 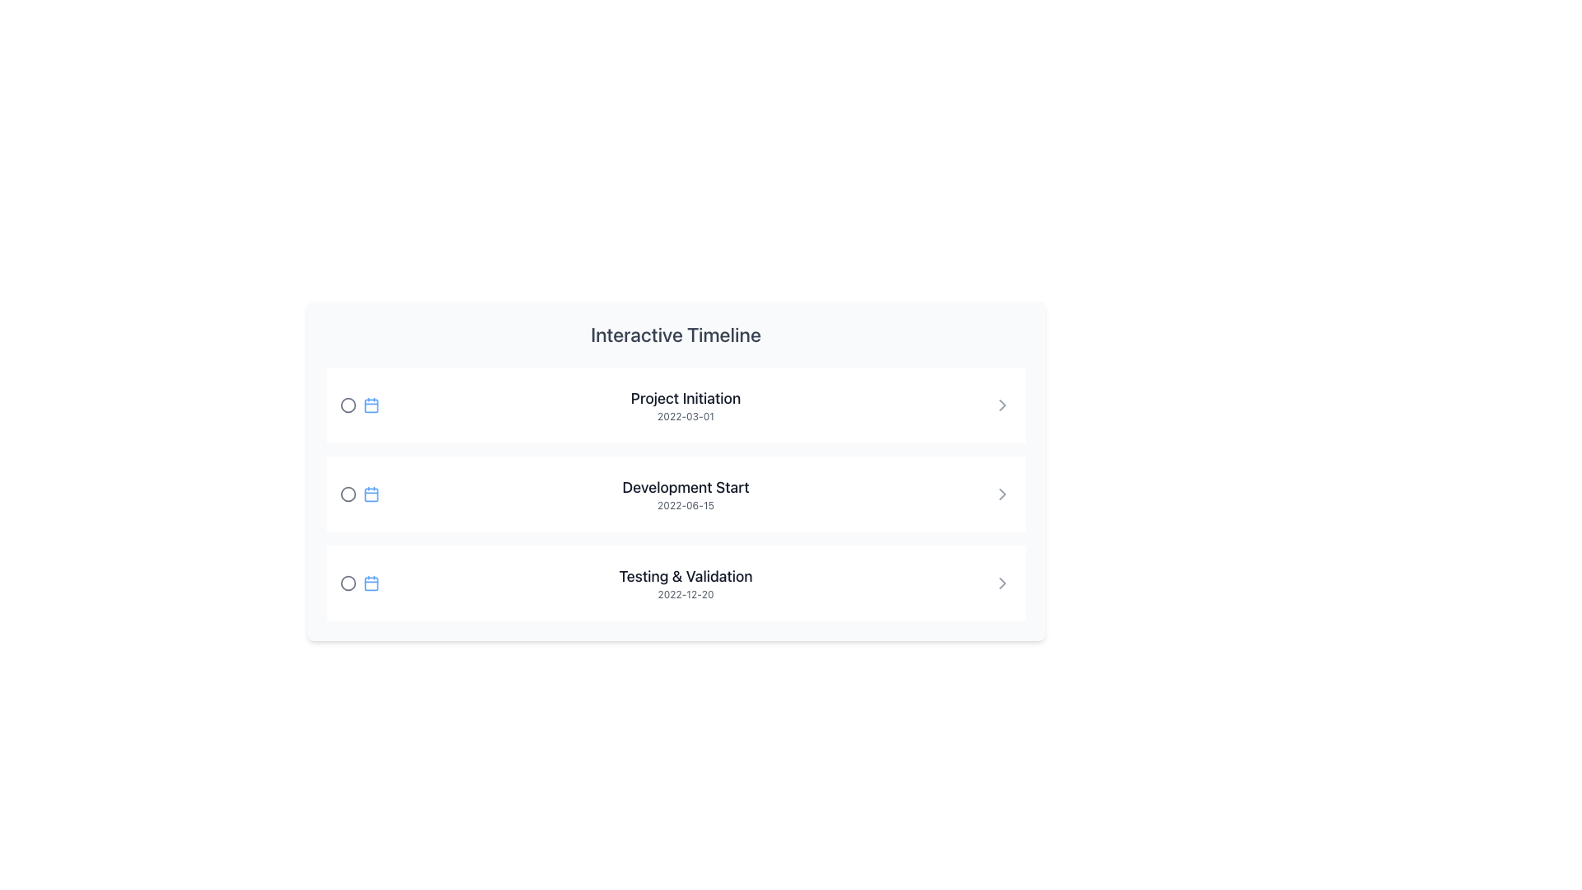 What do you see at coordinates (676, 494) in the screenshot?
I see `the 'Development Start' list item` at bounding box center [676, 494].